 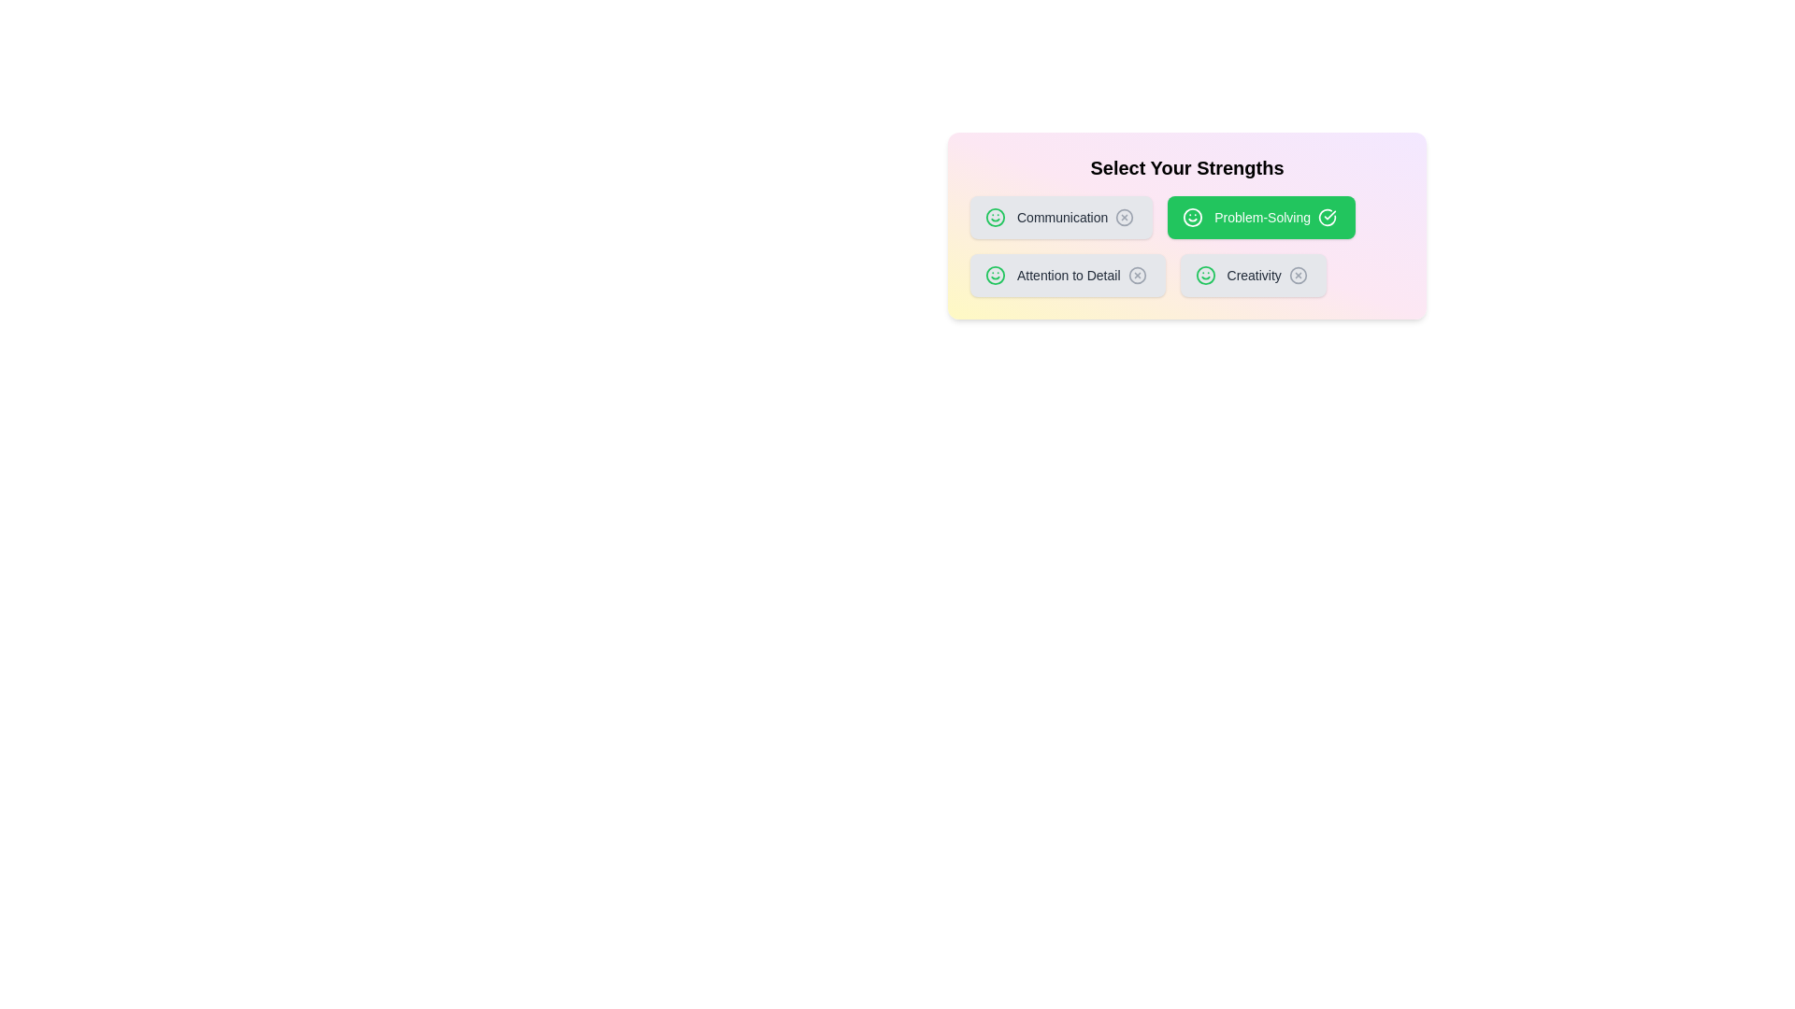 I want to click on the skill chip labeled 'Attention to Detail' to view its hover effect, so click(x=1068, y=275).